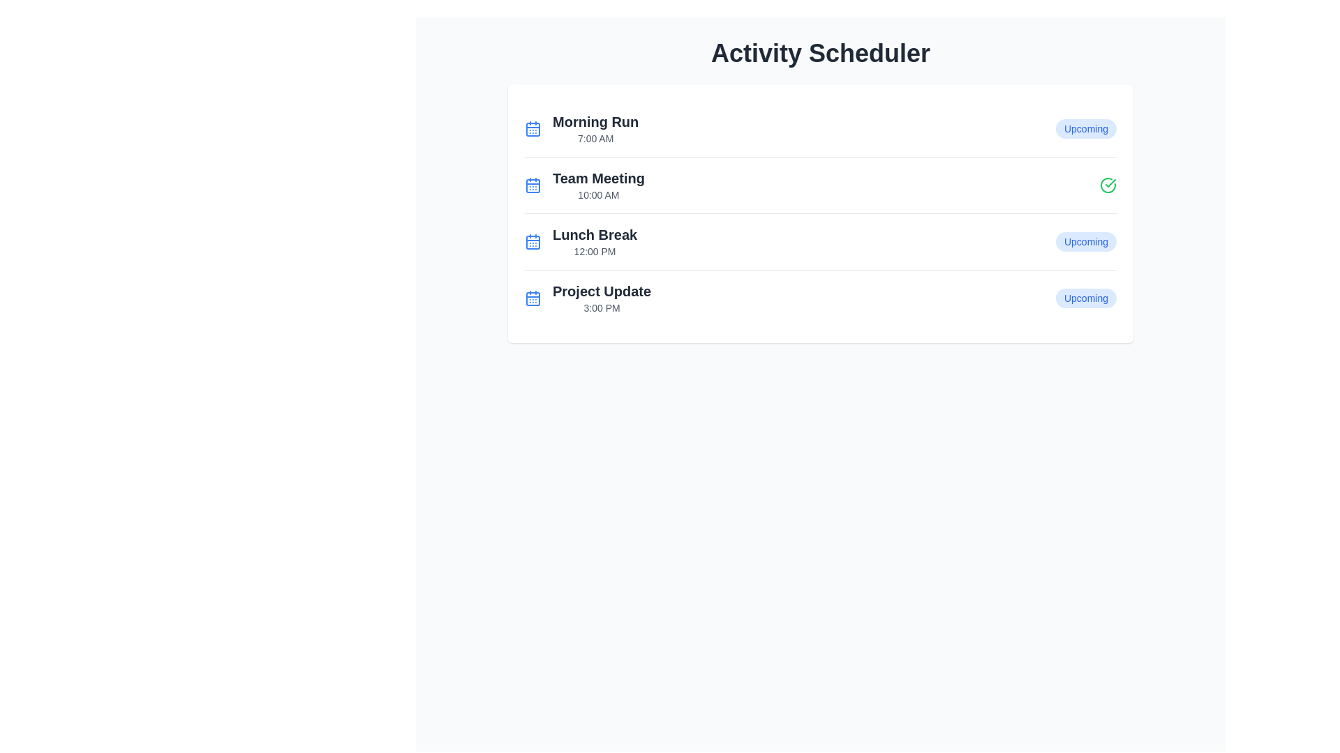 This screenshot has width=1340, height=753. I want to click on the calendar icon with a blue outline located next to the 'Morning Run' text by moving the cursor to its center point, so click(532, 129).